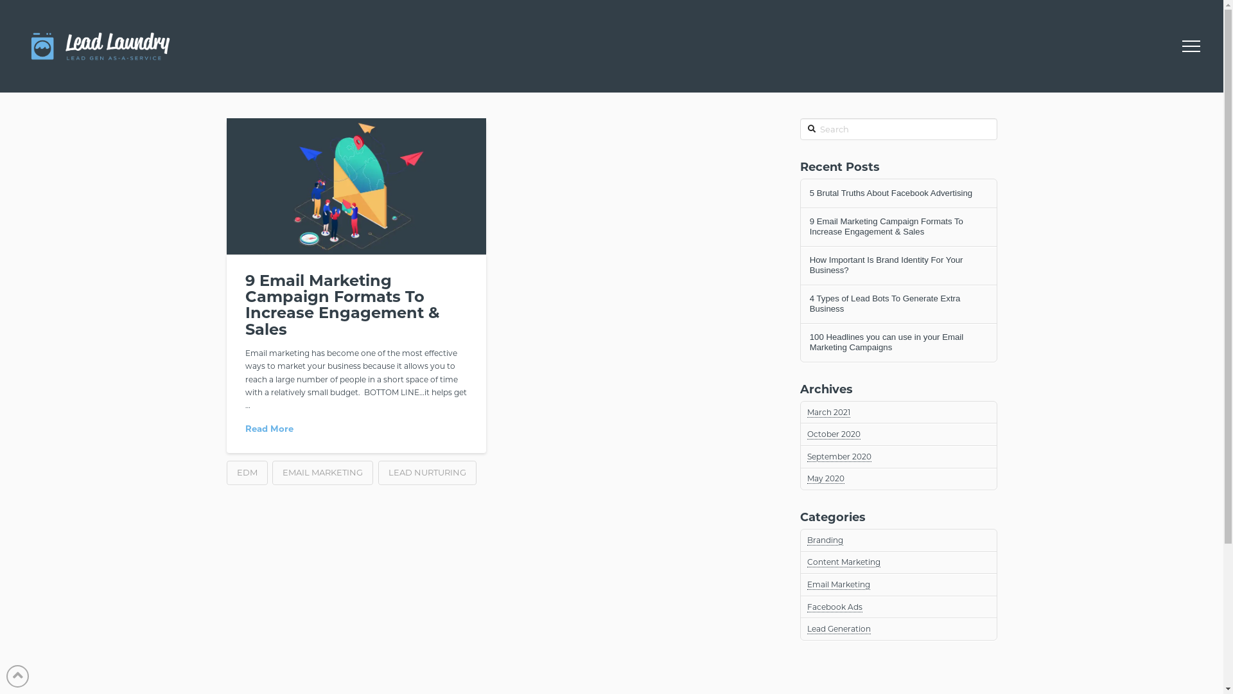  I want to click on 'May 2020', so click(826, 478).